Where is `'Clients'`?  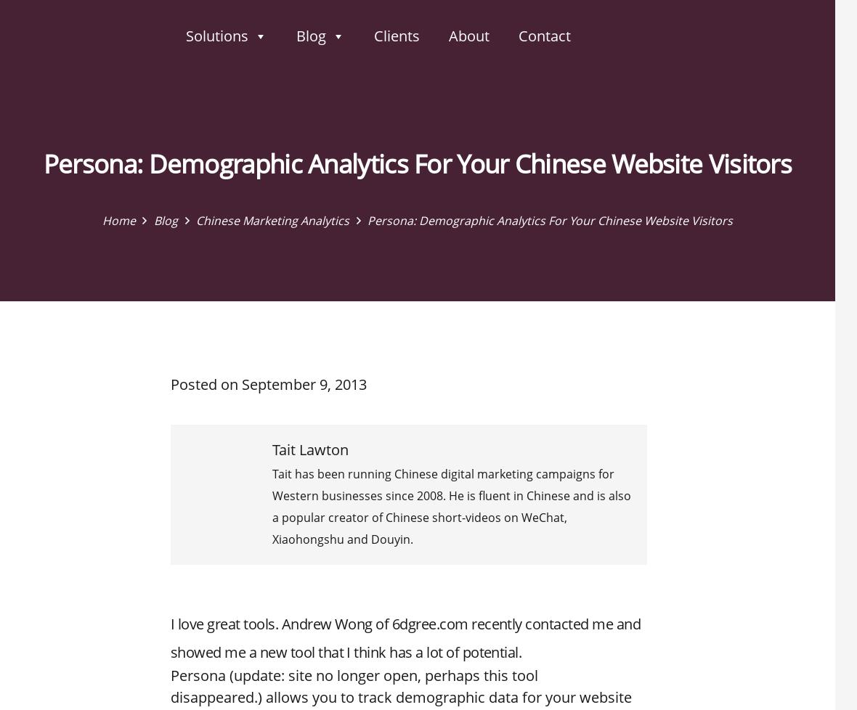
'Clients' is located at coordinates (373, 36).